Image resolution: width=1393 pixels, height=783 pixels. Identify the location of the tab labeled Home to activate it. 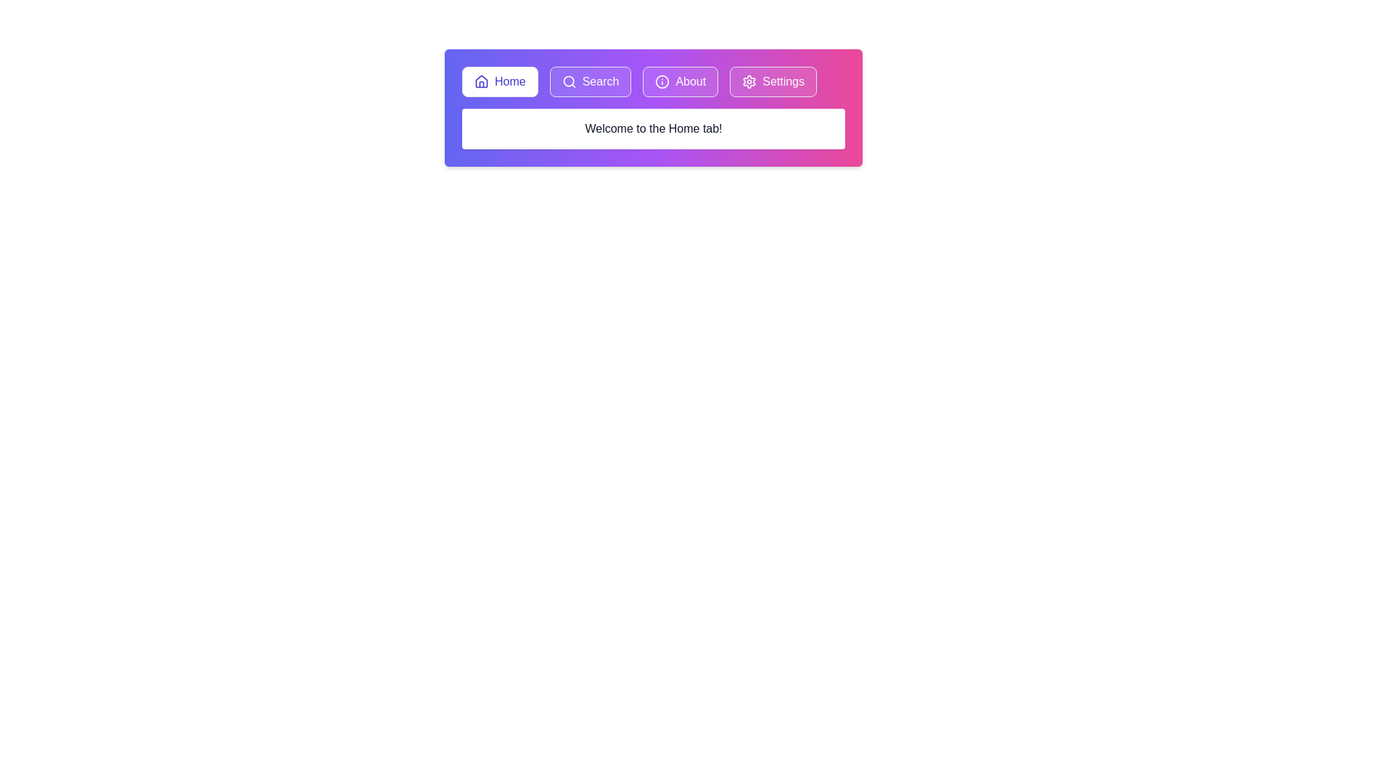
(500, 81).